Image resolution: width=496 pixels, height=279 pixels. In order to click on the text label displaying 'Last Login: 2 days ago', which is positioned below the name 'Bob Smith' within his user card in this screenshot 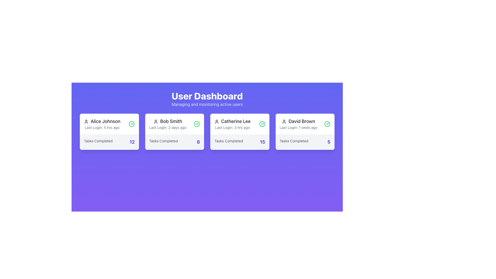, I will do `click(168, 127)`.